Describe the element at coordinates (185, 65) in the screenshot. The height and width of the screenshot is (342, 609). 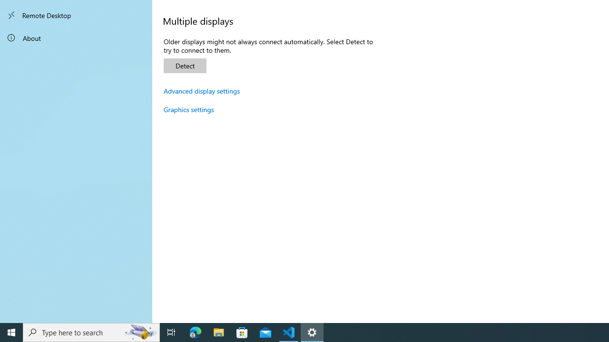
I see `'Detect'` at that location.